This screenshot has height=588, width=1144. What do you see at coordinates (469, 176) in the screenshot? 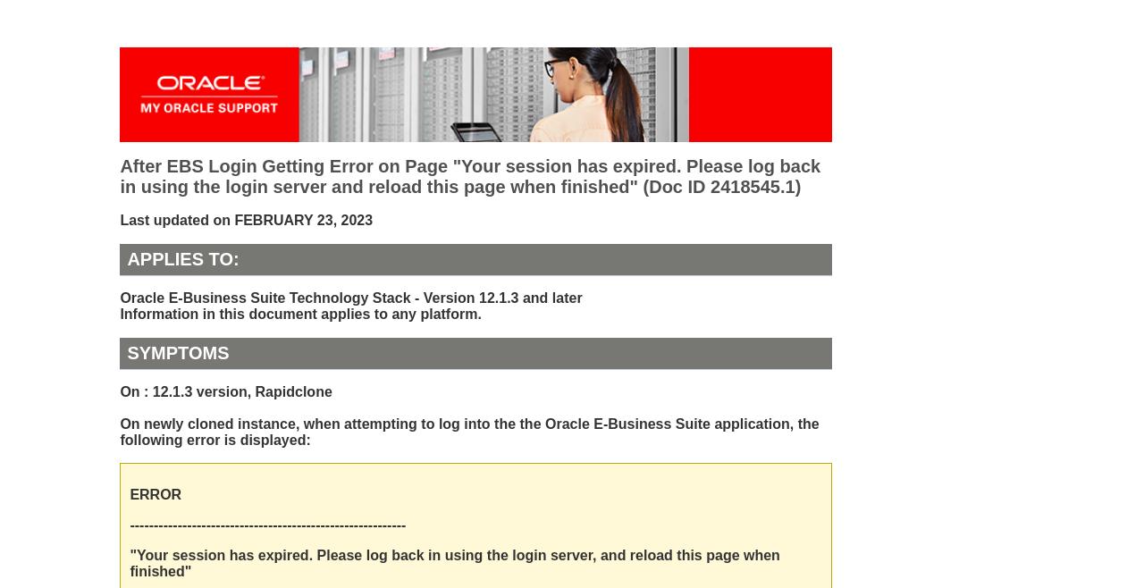
I see `'After EBS Login Getting Error on Page "Your session has expired. Please log back in using the login server and reload this page when finished"'` at bounding box center [469, 176].